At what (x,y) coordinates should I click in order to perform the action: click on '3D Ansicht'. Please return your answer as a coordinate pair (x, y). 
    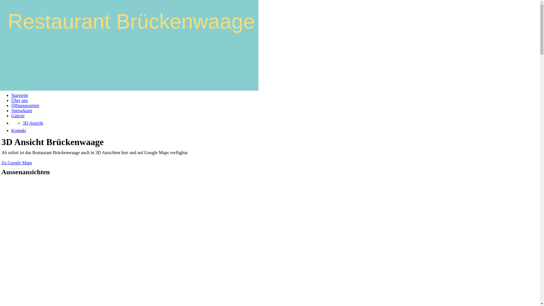
    Looking at the image, I should click on (32, 123).